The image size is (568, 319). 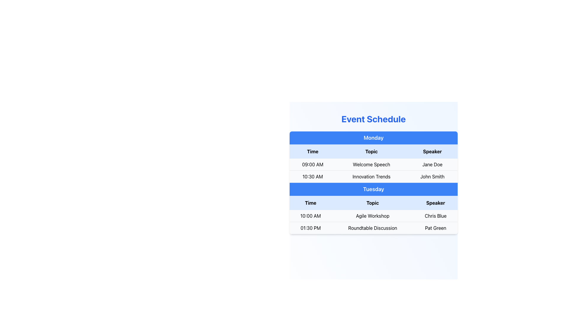 I want to click on the text label element displaying 'Roundtable Discussion' within the 'Tuesday' section of the 'Event Schedule' table, so click(x=372, y=227).